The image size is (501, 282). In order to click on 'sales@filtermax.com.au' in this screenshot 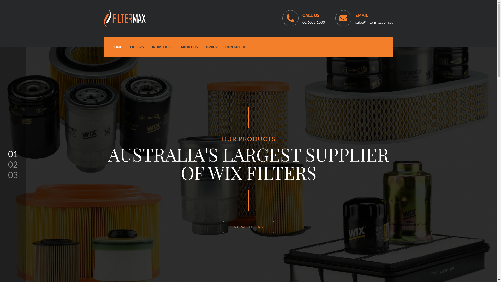, I will do `click(374, 22)`.